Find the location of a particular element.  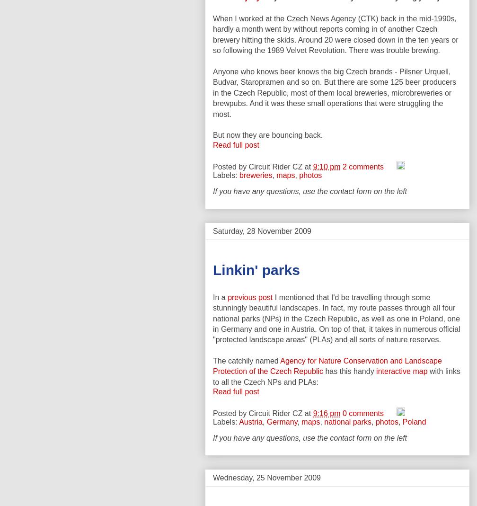

'national parks' is located at coordinates (324, 421).